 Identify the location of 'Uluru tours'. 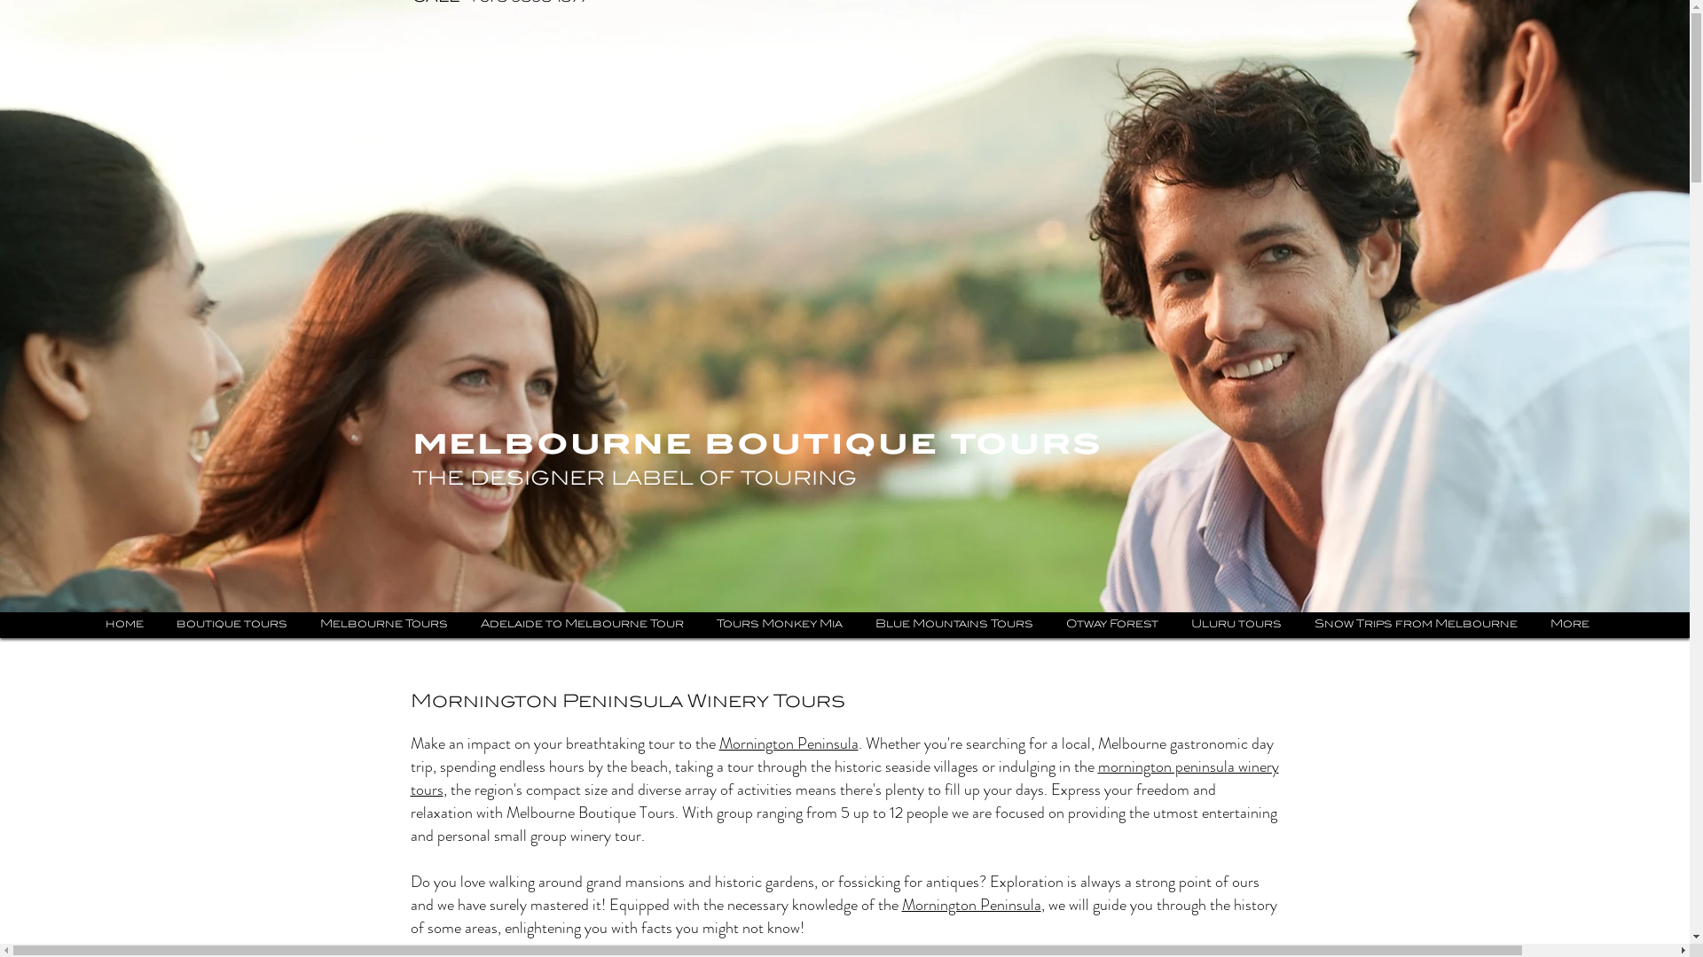
(1234, 624).